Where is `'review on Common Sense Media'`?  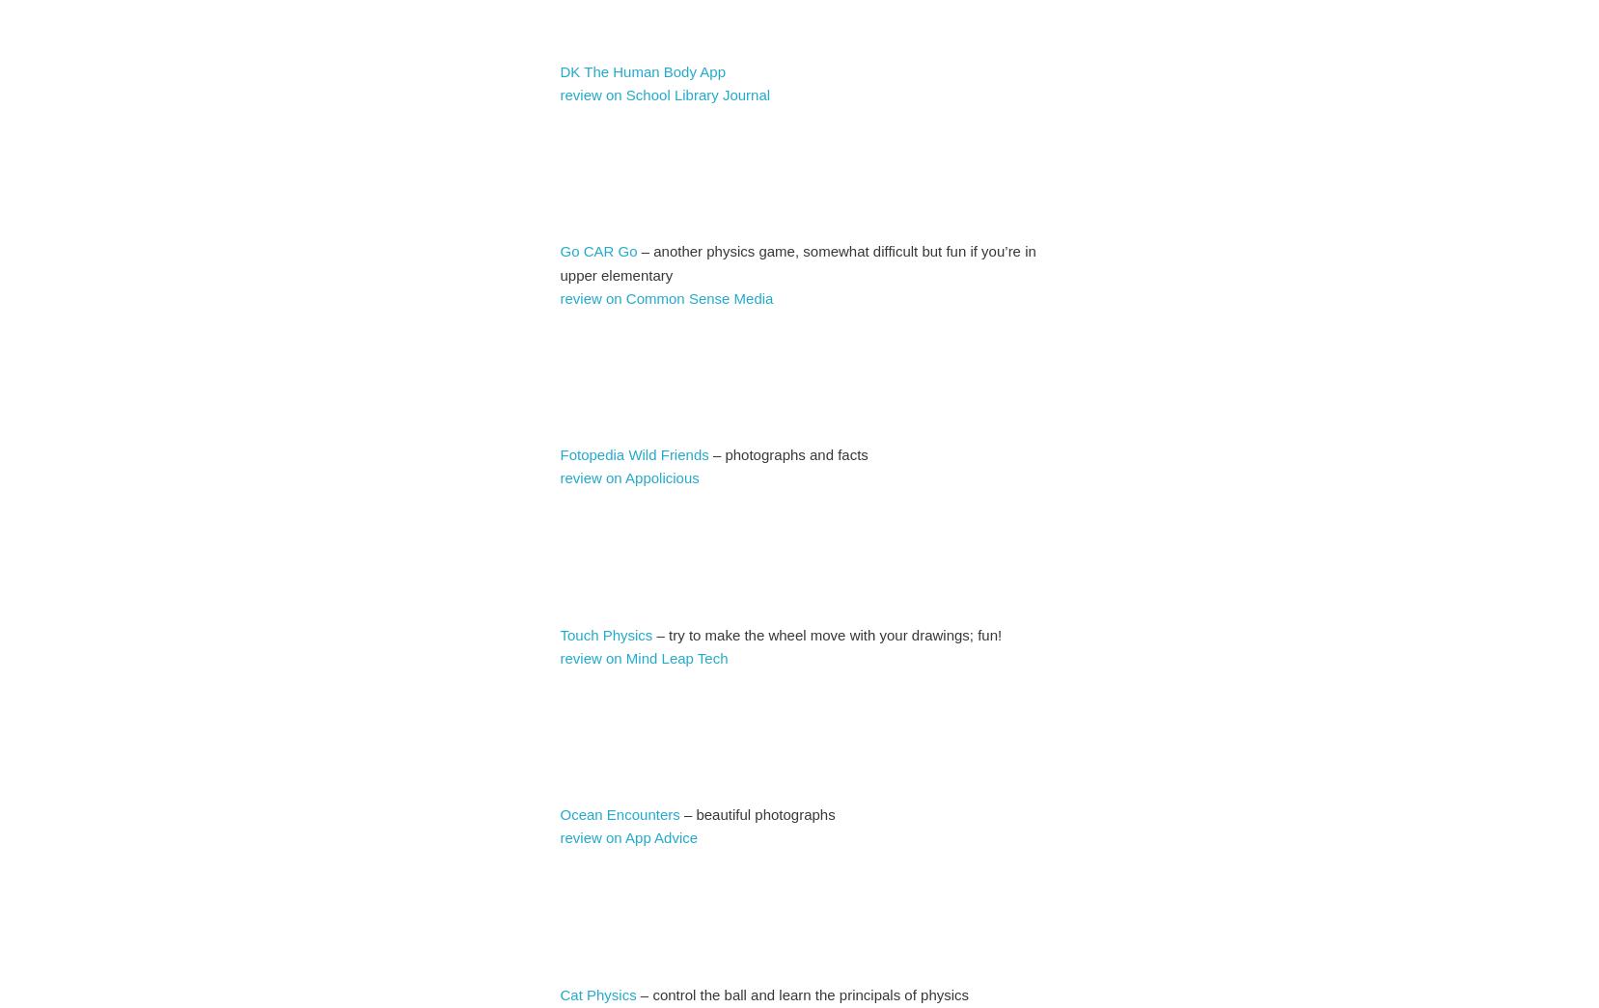 'review on Common Sense Media' is located at coordinates (667, 297).